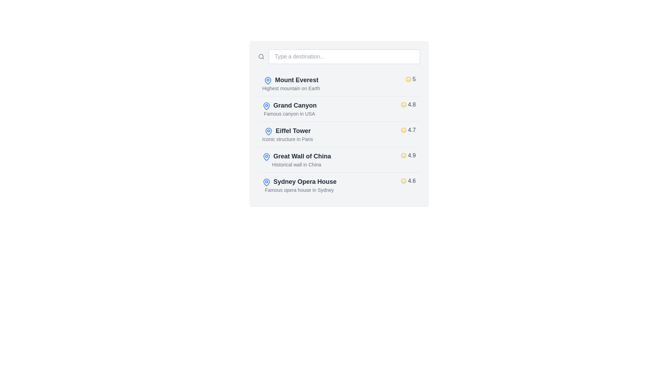  I want to click on the SVG Circle that visually represents the border of a smiley face icon used for ratings or expressions, which is positioned to the right of a list item dedicated to the Great Wall of China, so click(404, 155).